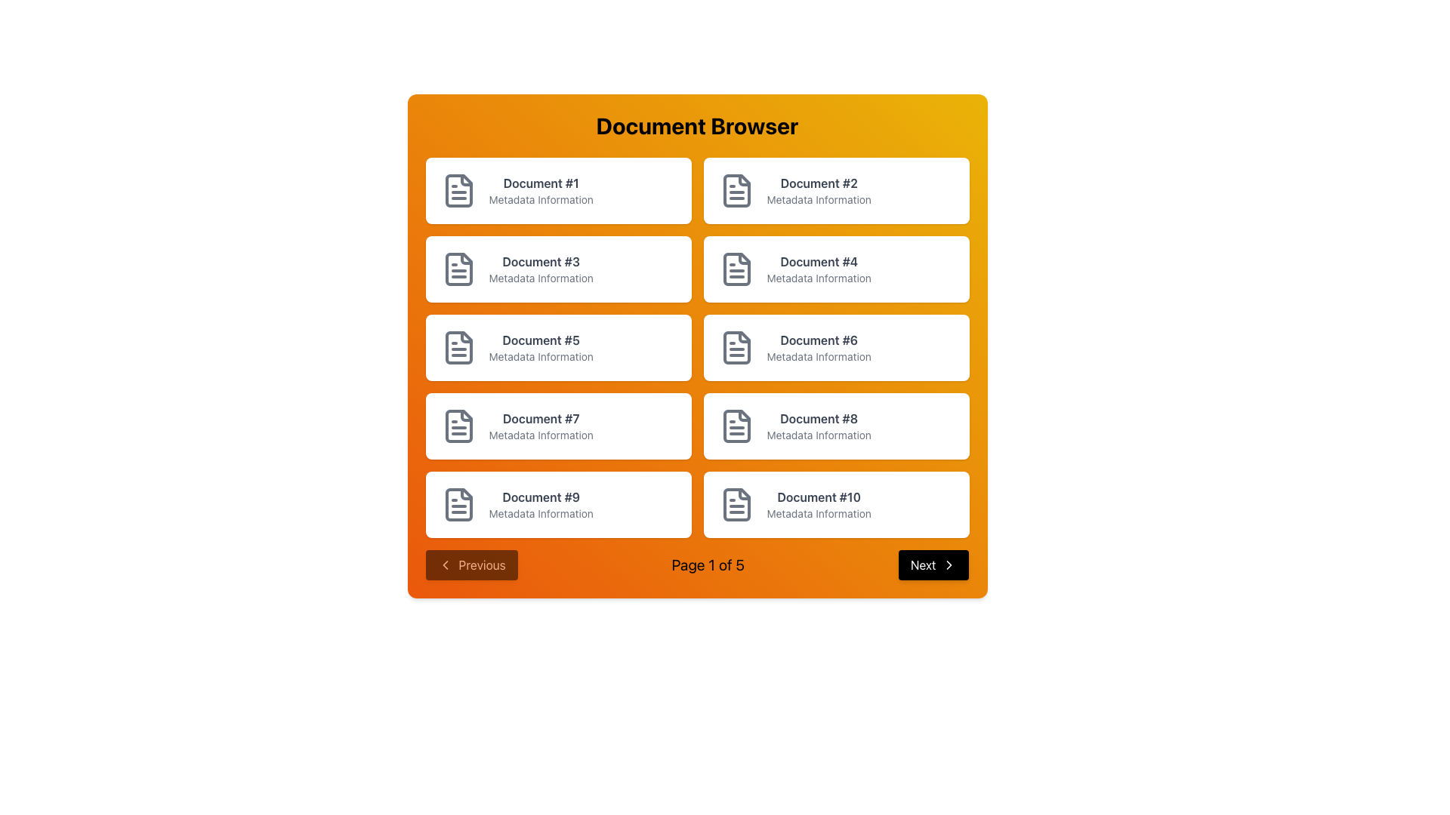  Describe the element at coordinates (736, 348) in the screenshot. I see `the monochromatic gray document icon with simulated text lines, which is the sixth document item in the grid layout` at that location.